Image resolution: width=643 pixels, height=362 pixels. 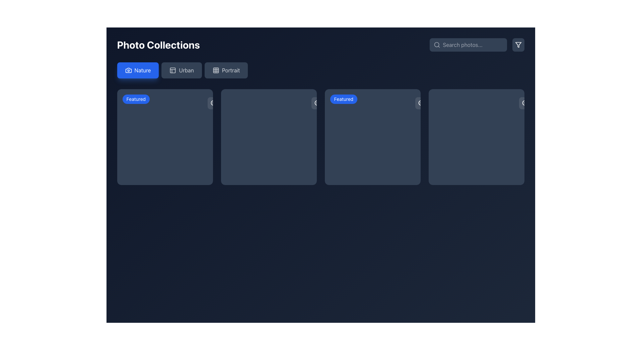 I want to click on the grid icon, which is styled in a minimalist design with nine squares, located inside the 'Portrait' button in the horizontal navigation menu, so click(x=216, y=70).